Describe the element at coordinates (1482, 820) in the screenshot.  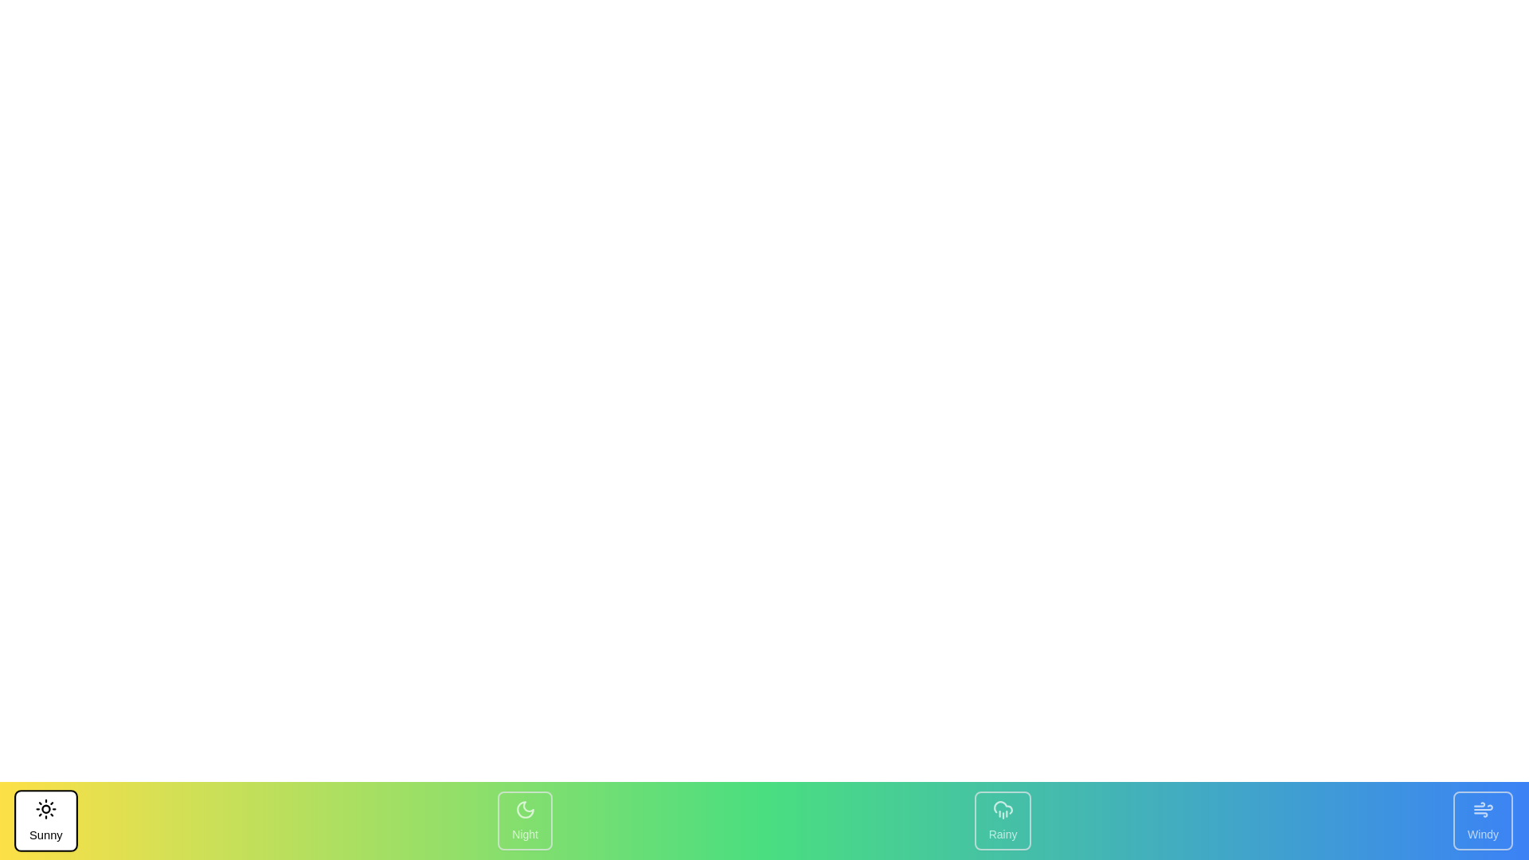
I see `the tab corresponding to the selected weather condition Windy` at that location.